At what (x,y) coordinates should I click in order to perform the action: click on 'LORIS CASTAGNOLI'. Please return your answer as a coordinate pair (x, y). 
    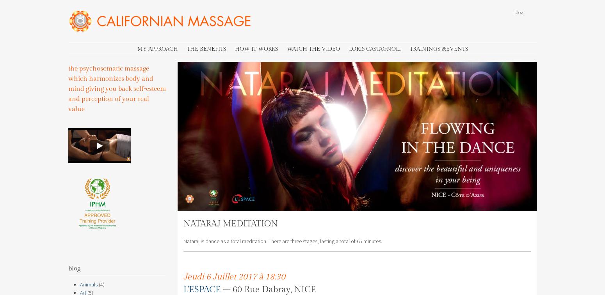
    Looking at the image, I should click on (374, 48).